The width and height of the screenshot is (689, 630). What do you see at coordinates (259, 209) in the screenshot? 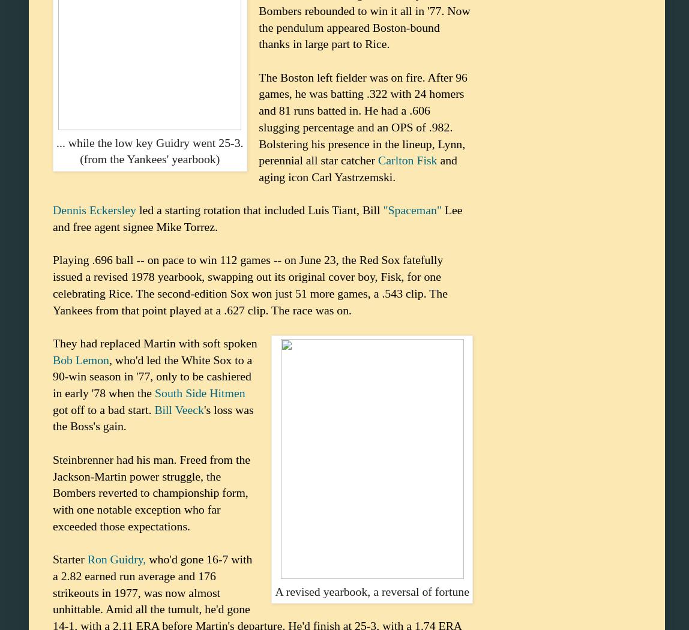
I see `'led a starting rotation that included Luis Tiant, Bill'` at bounding box center [259, 209].